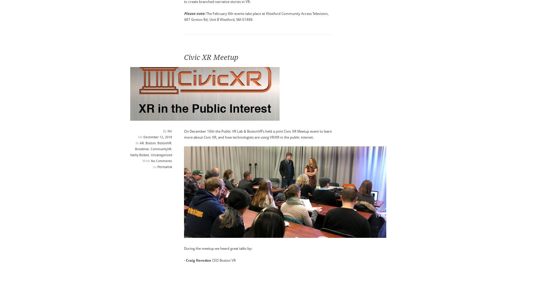  What do you see at coordinates (161, 155) in the screenshot?
I see `'Uncategorized'` at bounding box center [161, 155].